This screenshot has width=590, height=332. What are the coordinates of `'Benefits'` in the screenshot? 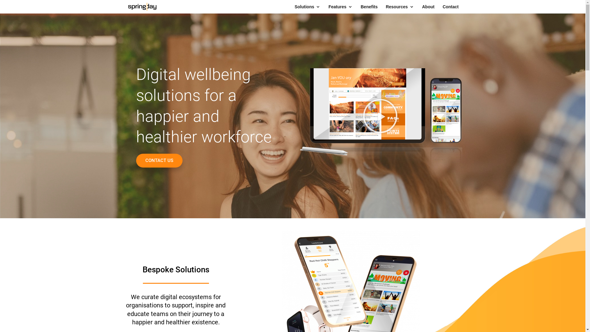 It's located at (361, 9).